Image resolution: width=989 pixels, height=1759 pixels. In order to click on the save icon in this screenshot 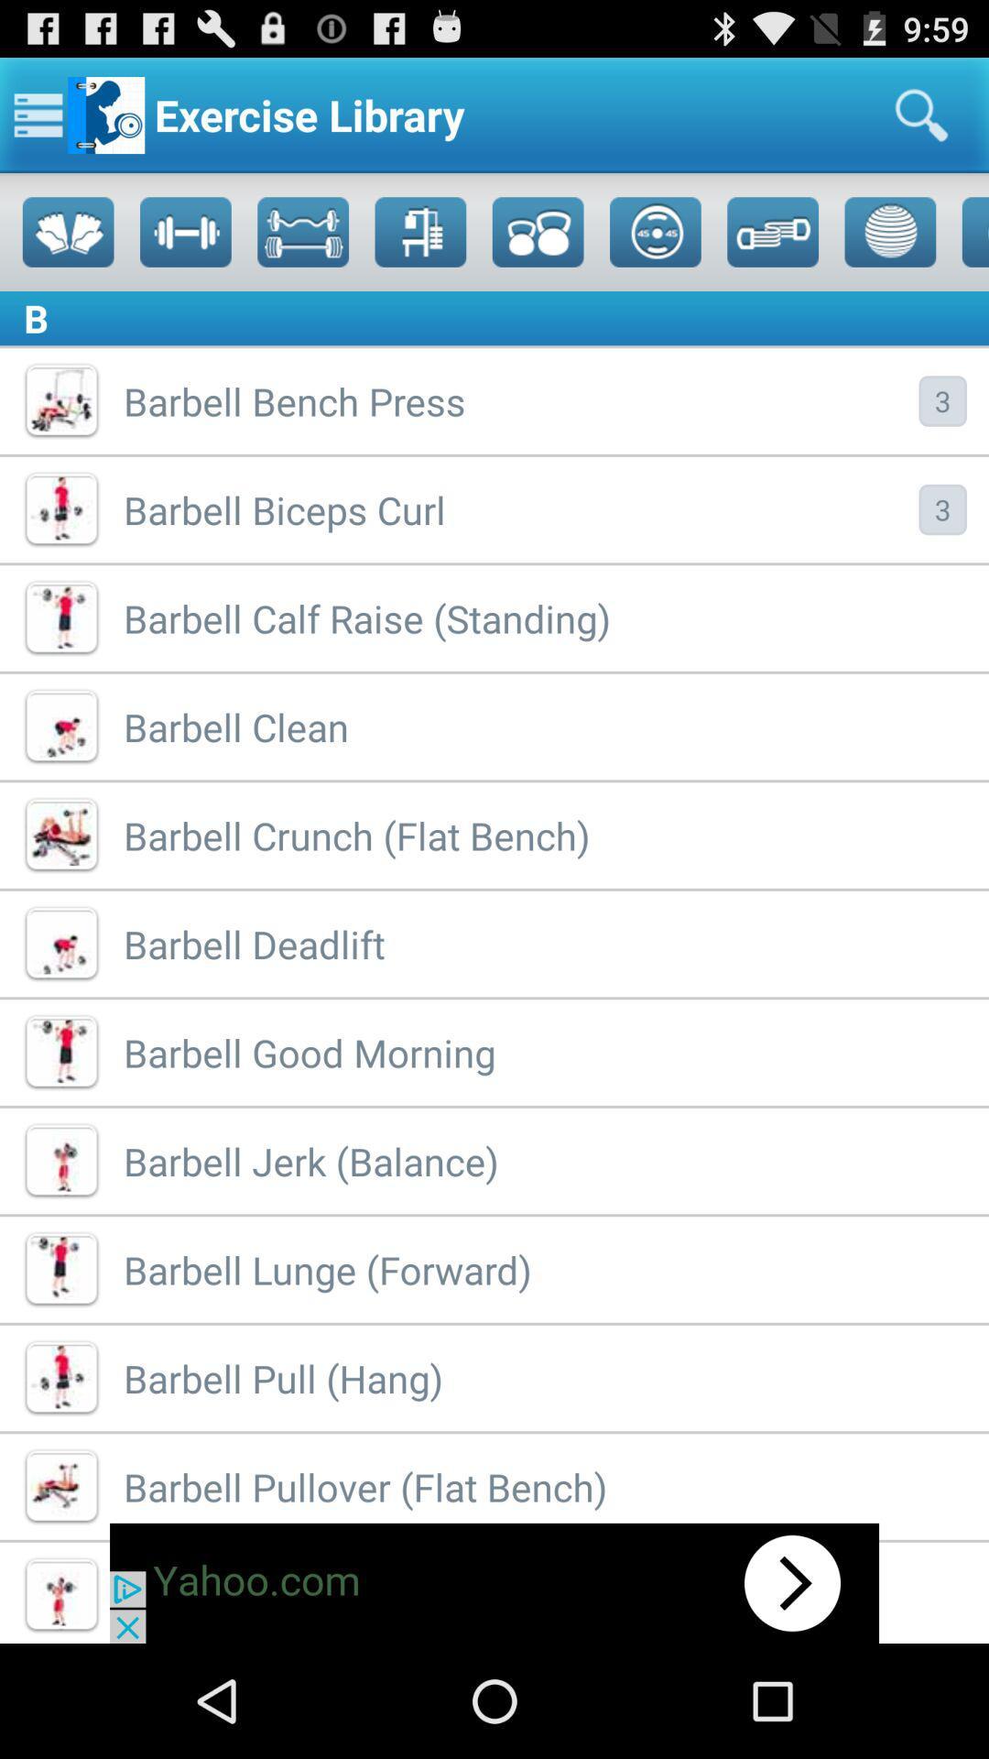, I will do `click(185, 247)`.